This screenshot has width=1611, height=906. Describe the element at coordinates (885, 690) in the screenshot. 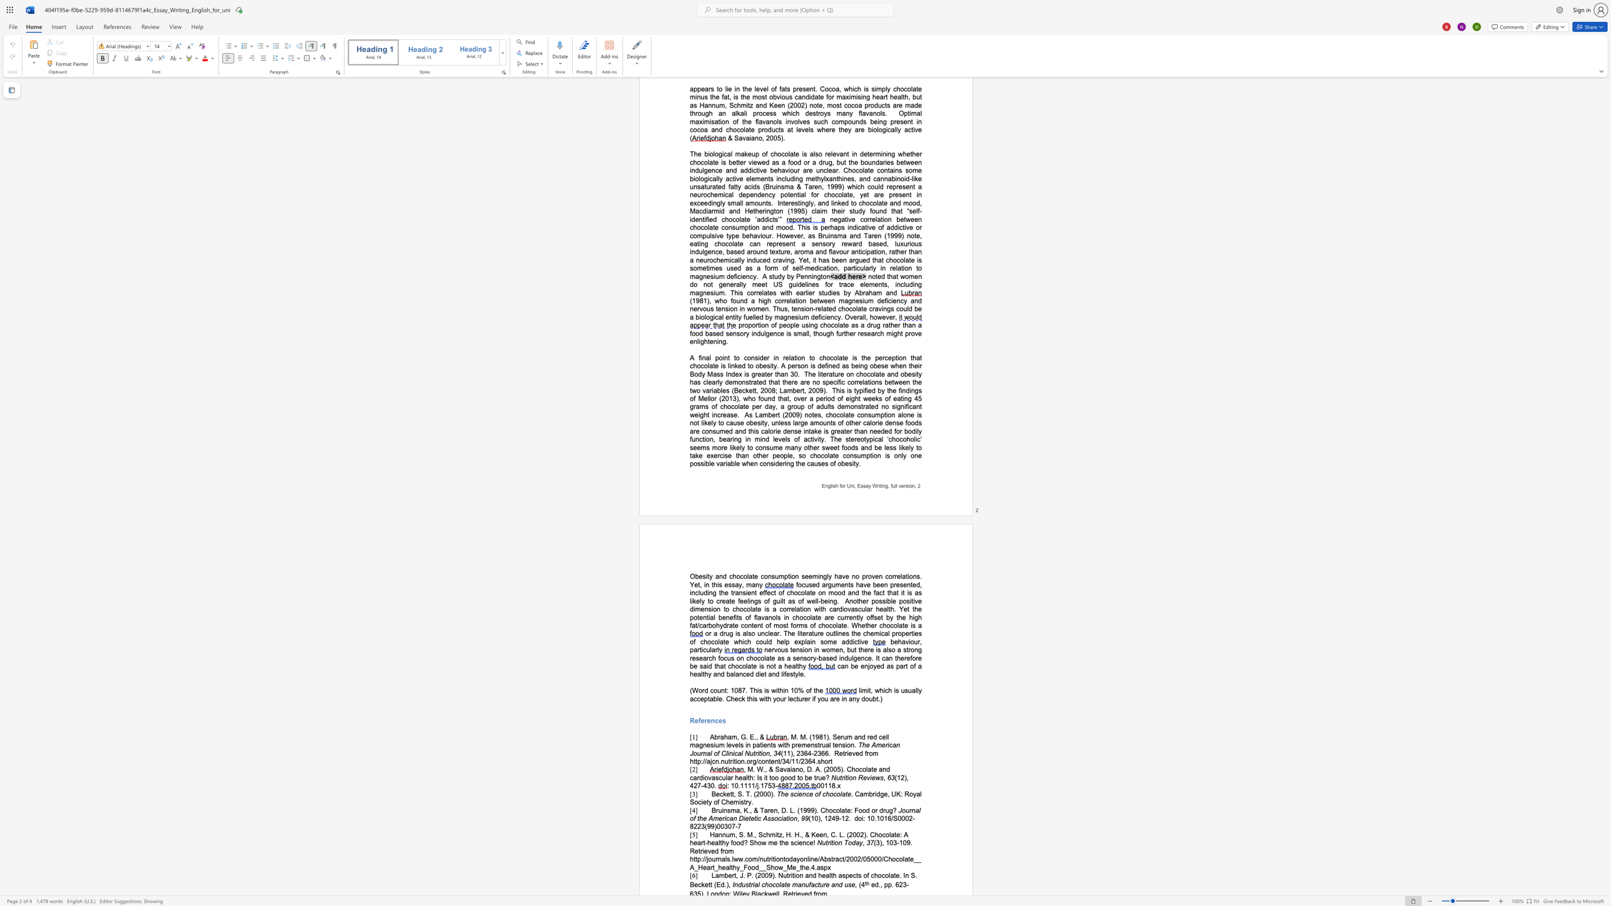

I see `the subset text "ch is usually acceptable. Check this with your le" within the text "limit, which is usually acceptable. Check this with your lecturer if you are in any doubt.)"` at that location.